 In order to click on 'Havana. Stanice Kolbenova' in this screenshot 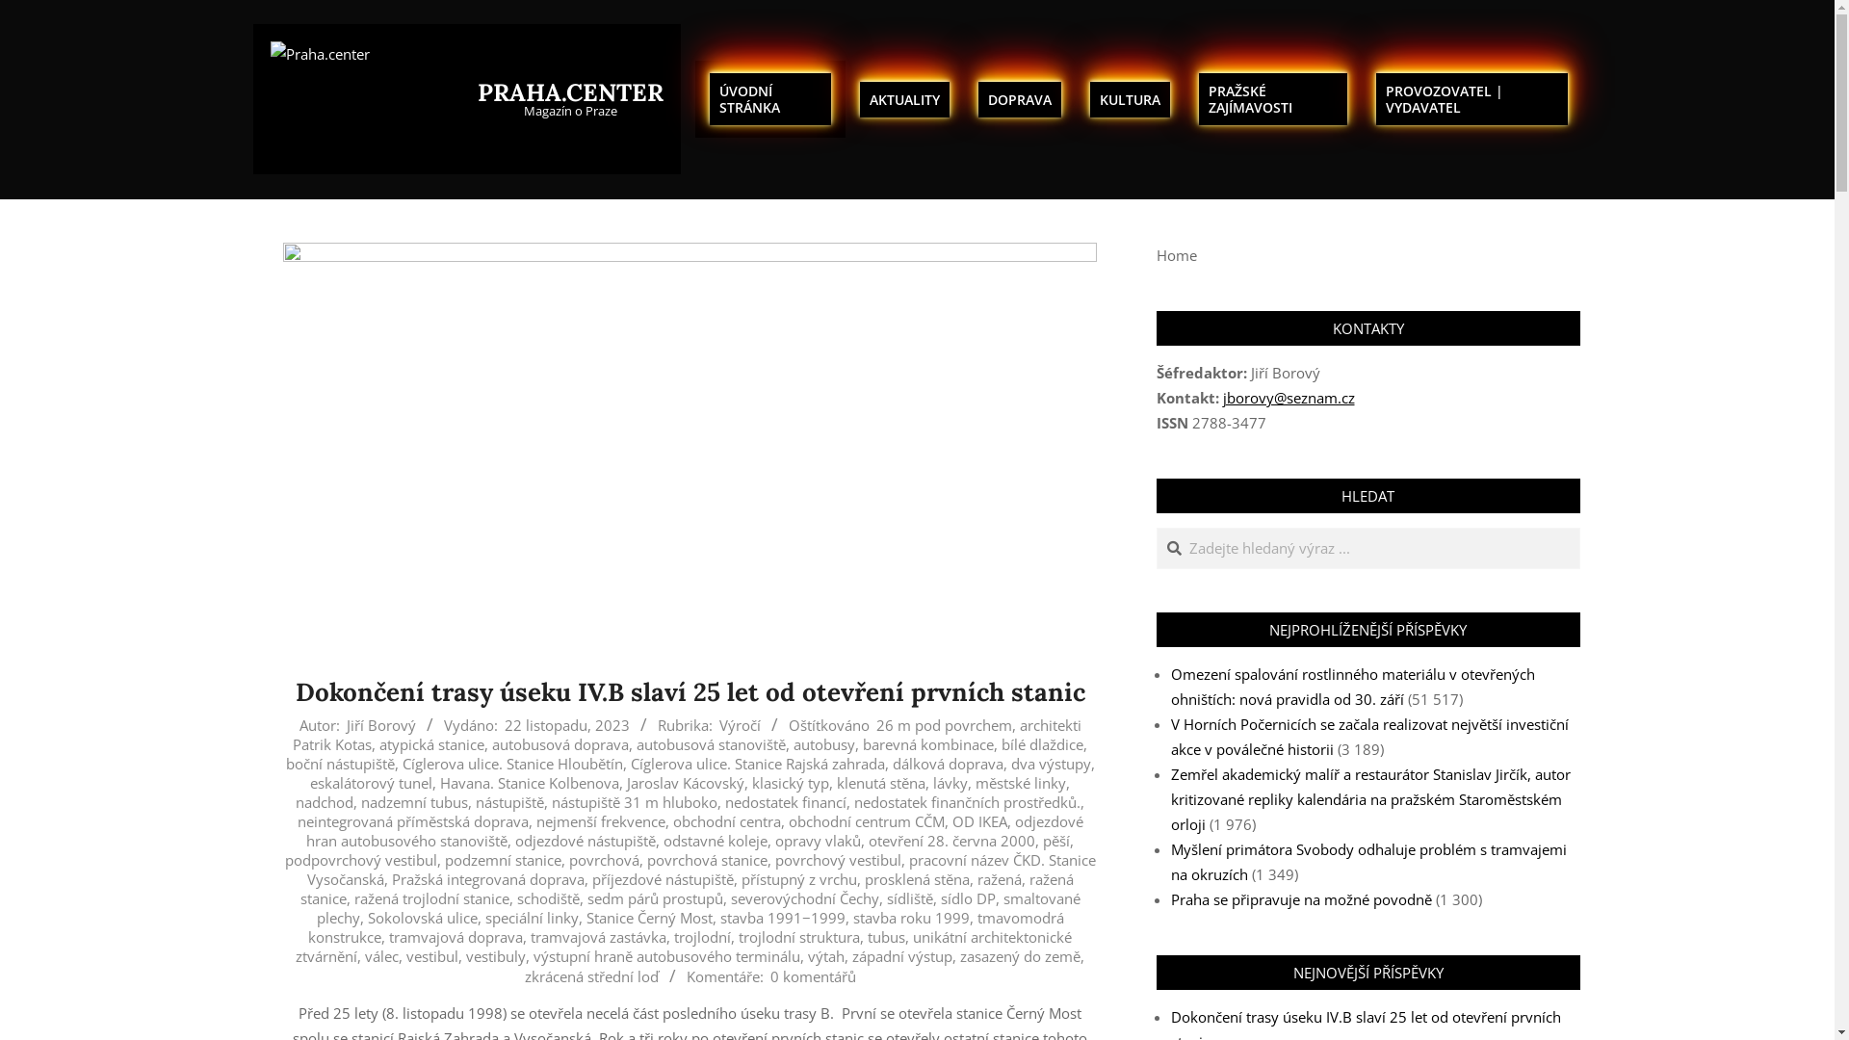, I will do `click(530, 783)`.